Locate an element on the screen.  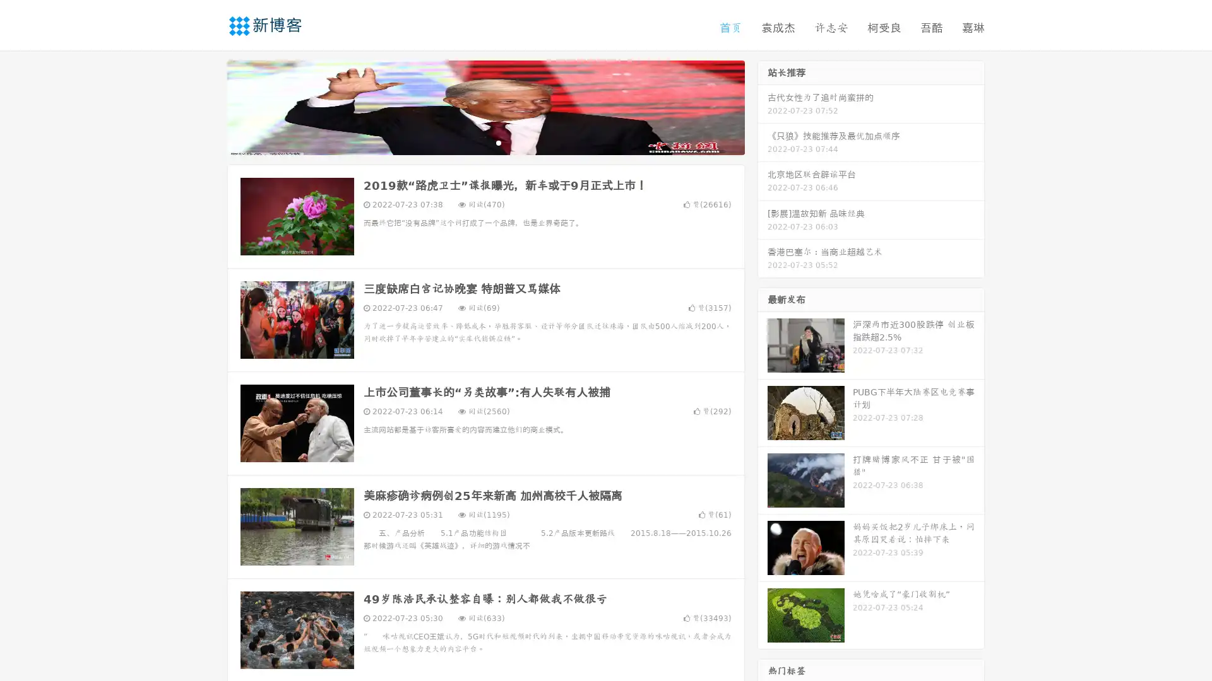
Go to slide 2 is located at coordinates (485, 142).